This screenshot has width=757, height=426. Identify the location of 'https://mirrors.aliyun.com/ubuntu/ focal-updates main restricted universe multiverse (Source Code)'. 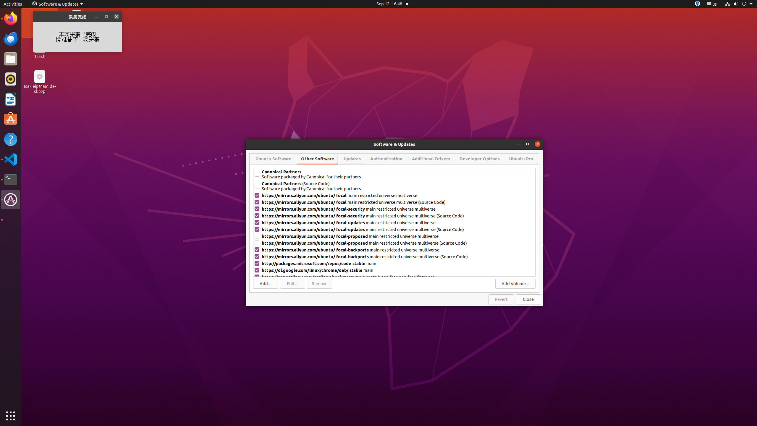
(398, 229).